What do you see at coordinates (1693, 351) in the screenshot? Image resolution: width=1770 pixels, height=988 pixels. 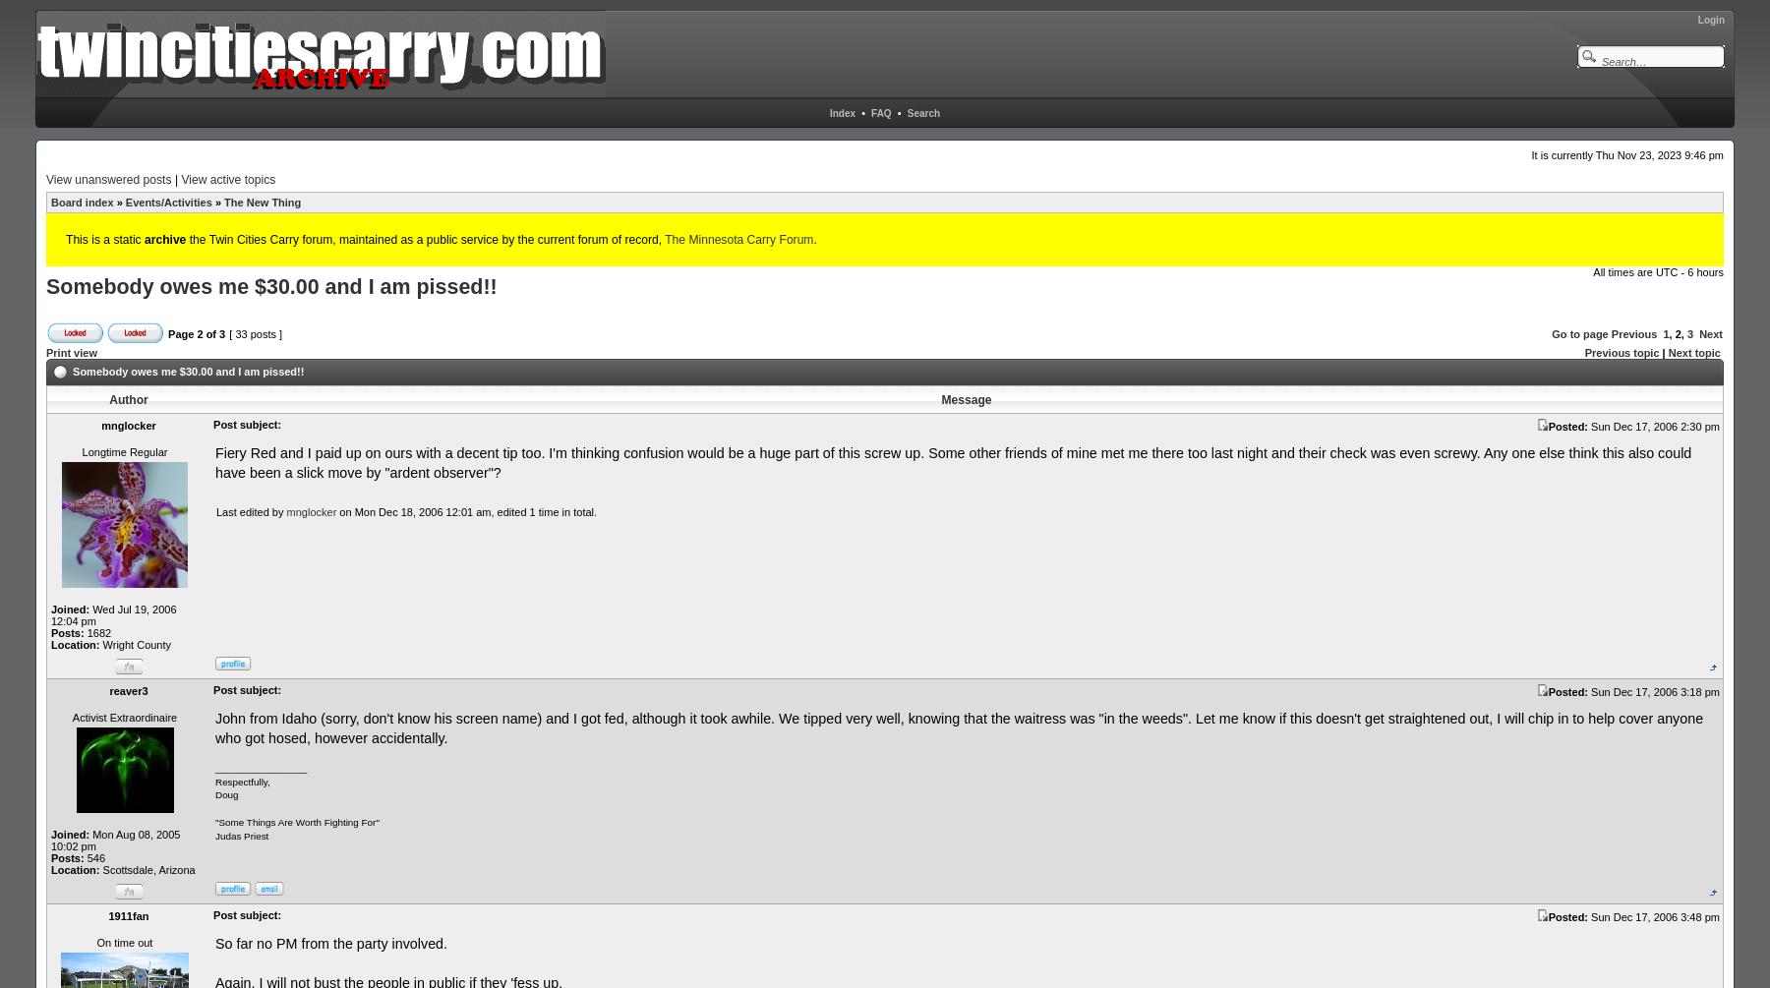 I see `'Next topic'` at bounding box center [1693, 351].